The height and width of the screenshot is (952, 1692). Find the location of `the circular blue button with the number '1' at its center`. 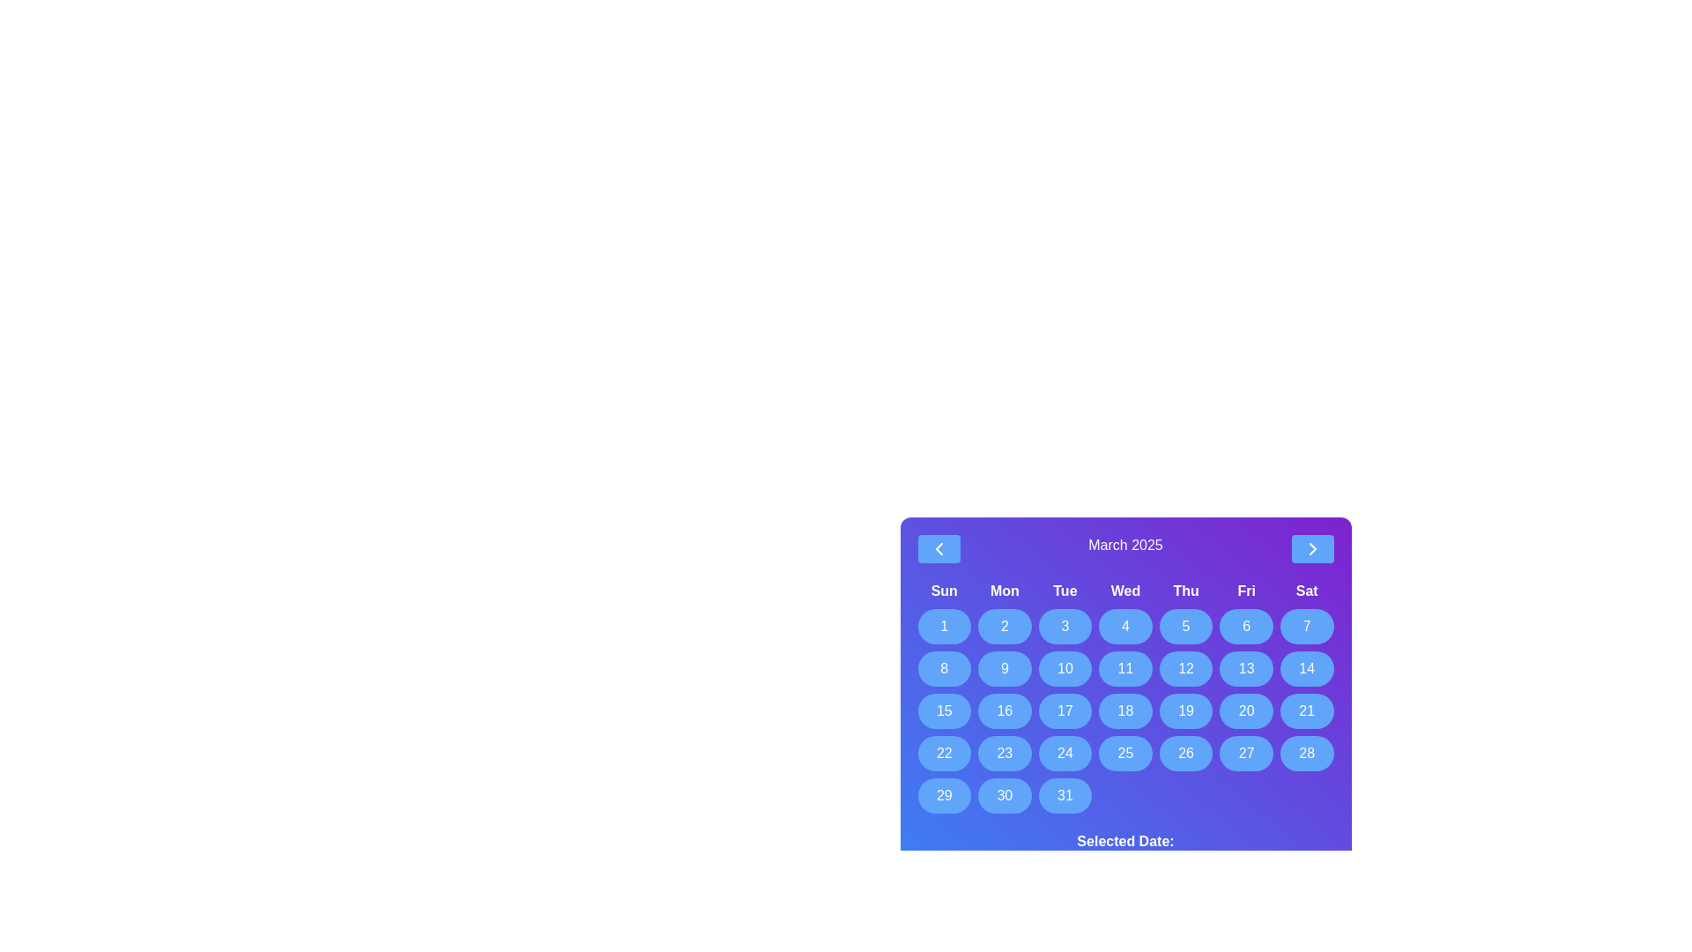

the circular blue button with the number '1' at its center is located at coordinates (943, 625).